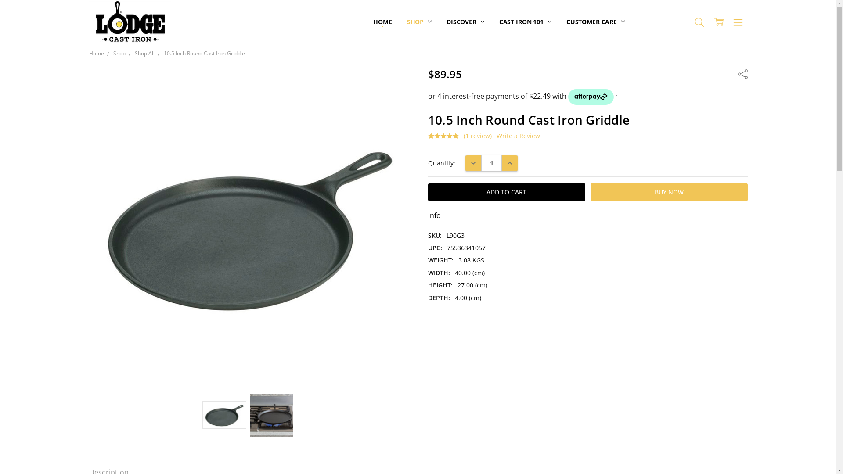 This screenshot has width=843, height=474. I want to click on 'Home', so click(96, 53).